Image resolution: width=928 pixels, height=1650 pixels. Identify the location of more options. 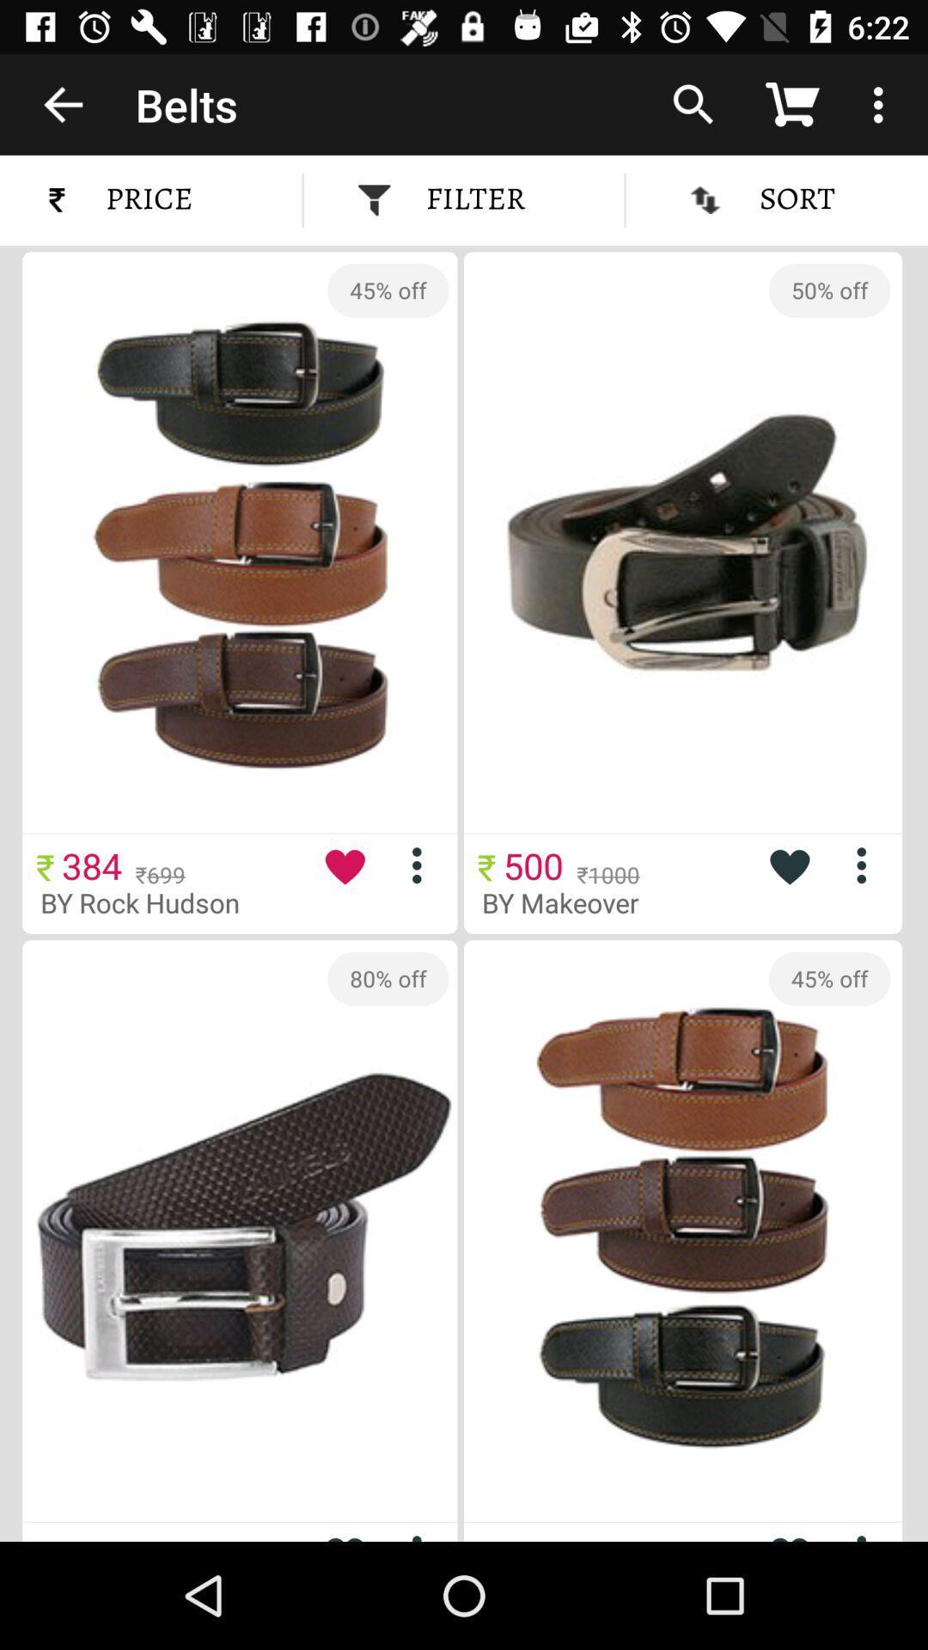
(345, 1531).